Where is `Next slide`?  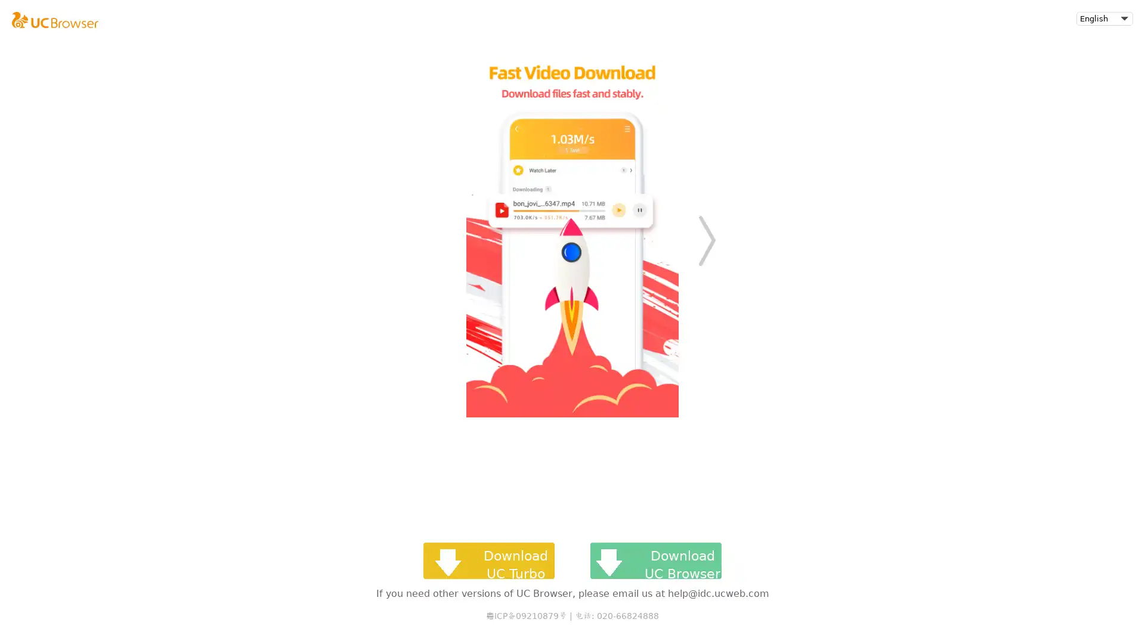 Next slide is located at coordinates (707, 241).